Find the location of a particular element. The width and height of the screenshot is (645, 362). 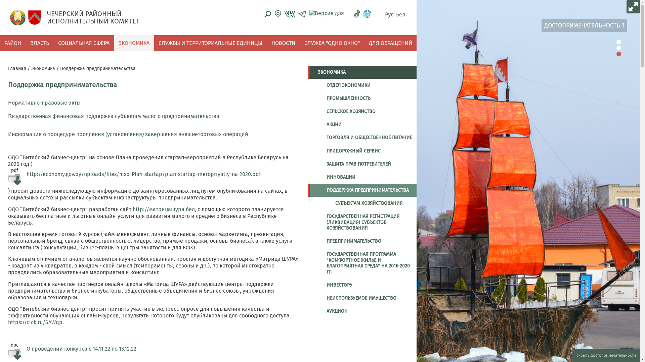

'2' is located at coordinates (618, 47).